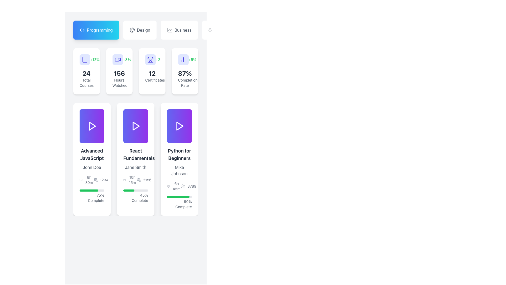 The width and height of the screenshot is (506, 285). What do you see at coordinates (185, 71) in the screenshot?
I see `the Informational Card located at the far right of the metrics section to get more details about the completion rate` at bounding box center [185, 71].